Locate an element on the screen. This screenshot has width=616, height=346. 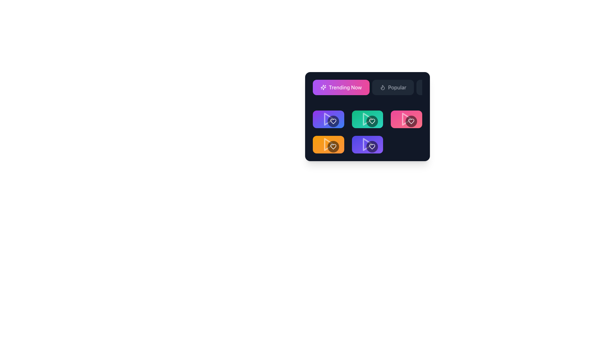
the button located in the second row and third column of a grid of buttons is located at coordinates (392, 116).